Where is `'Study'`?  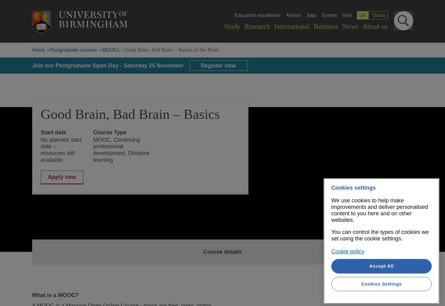
'Study' is located at coordinates (231, 26).